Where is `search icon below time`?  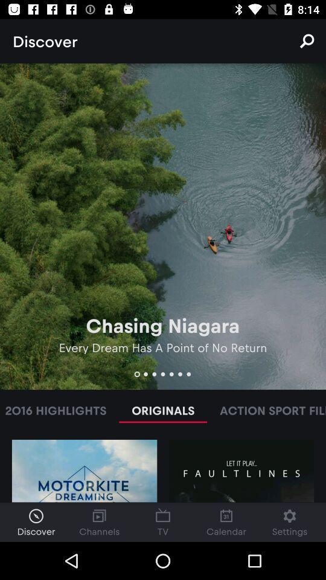
search icon below time is located at coordinates (307, 41).